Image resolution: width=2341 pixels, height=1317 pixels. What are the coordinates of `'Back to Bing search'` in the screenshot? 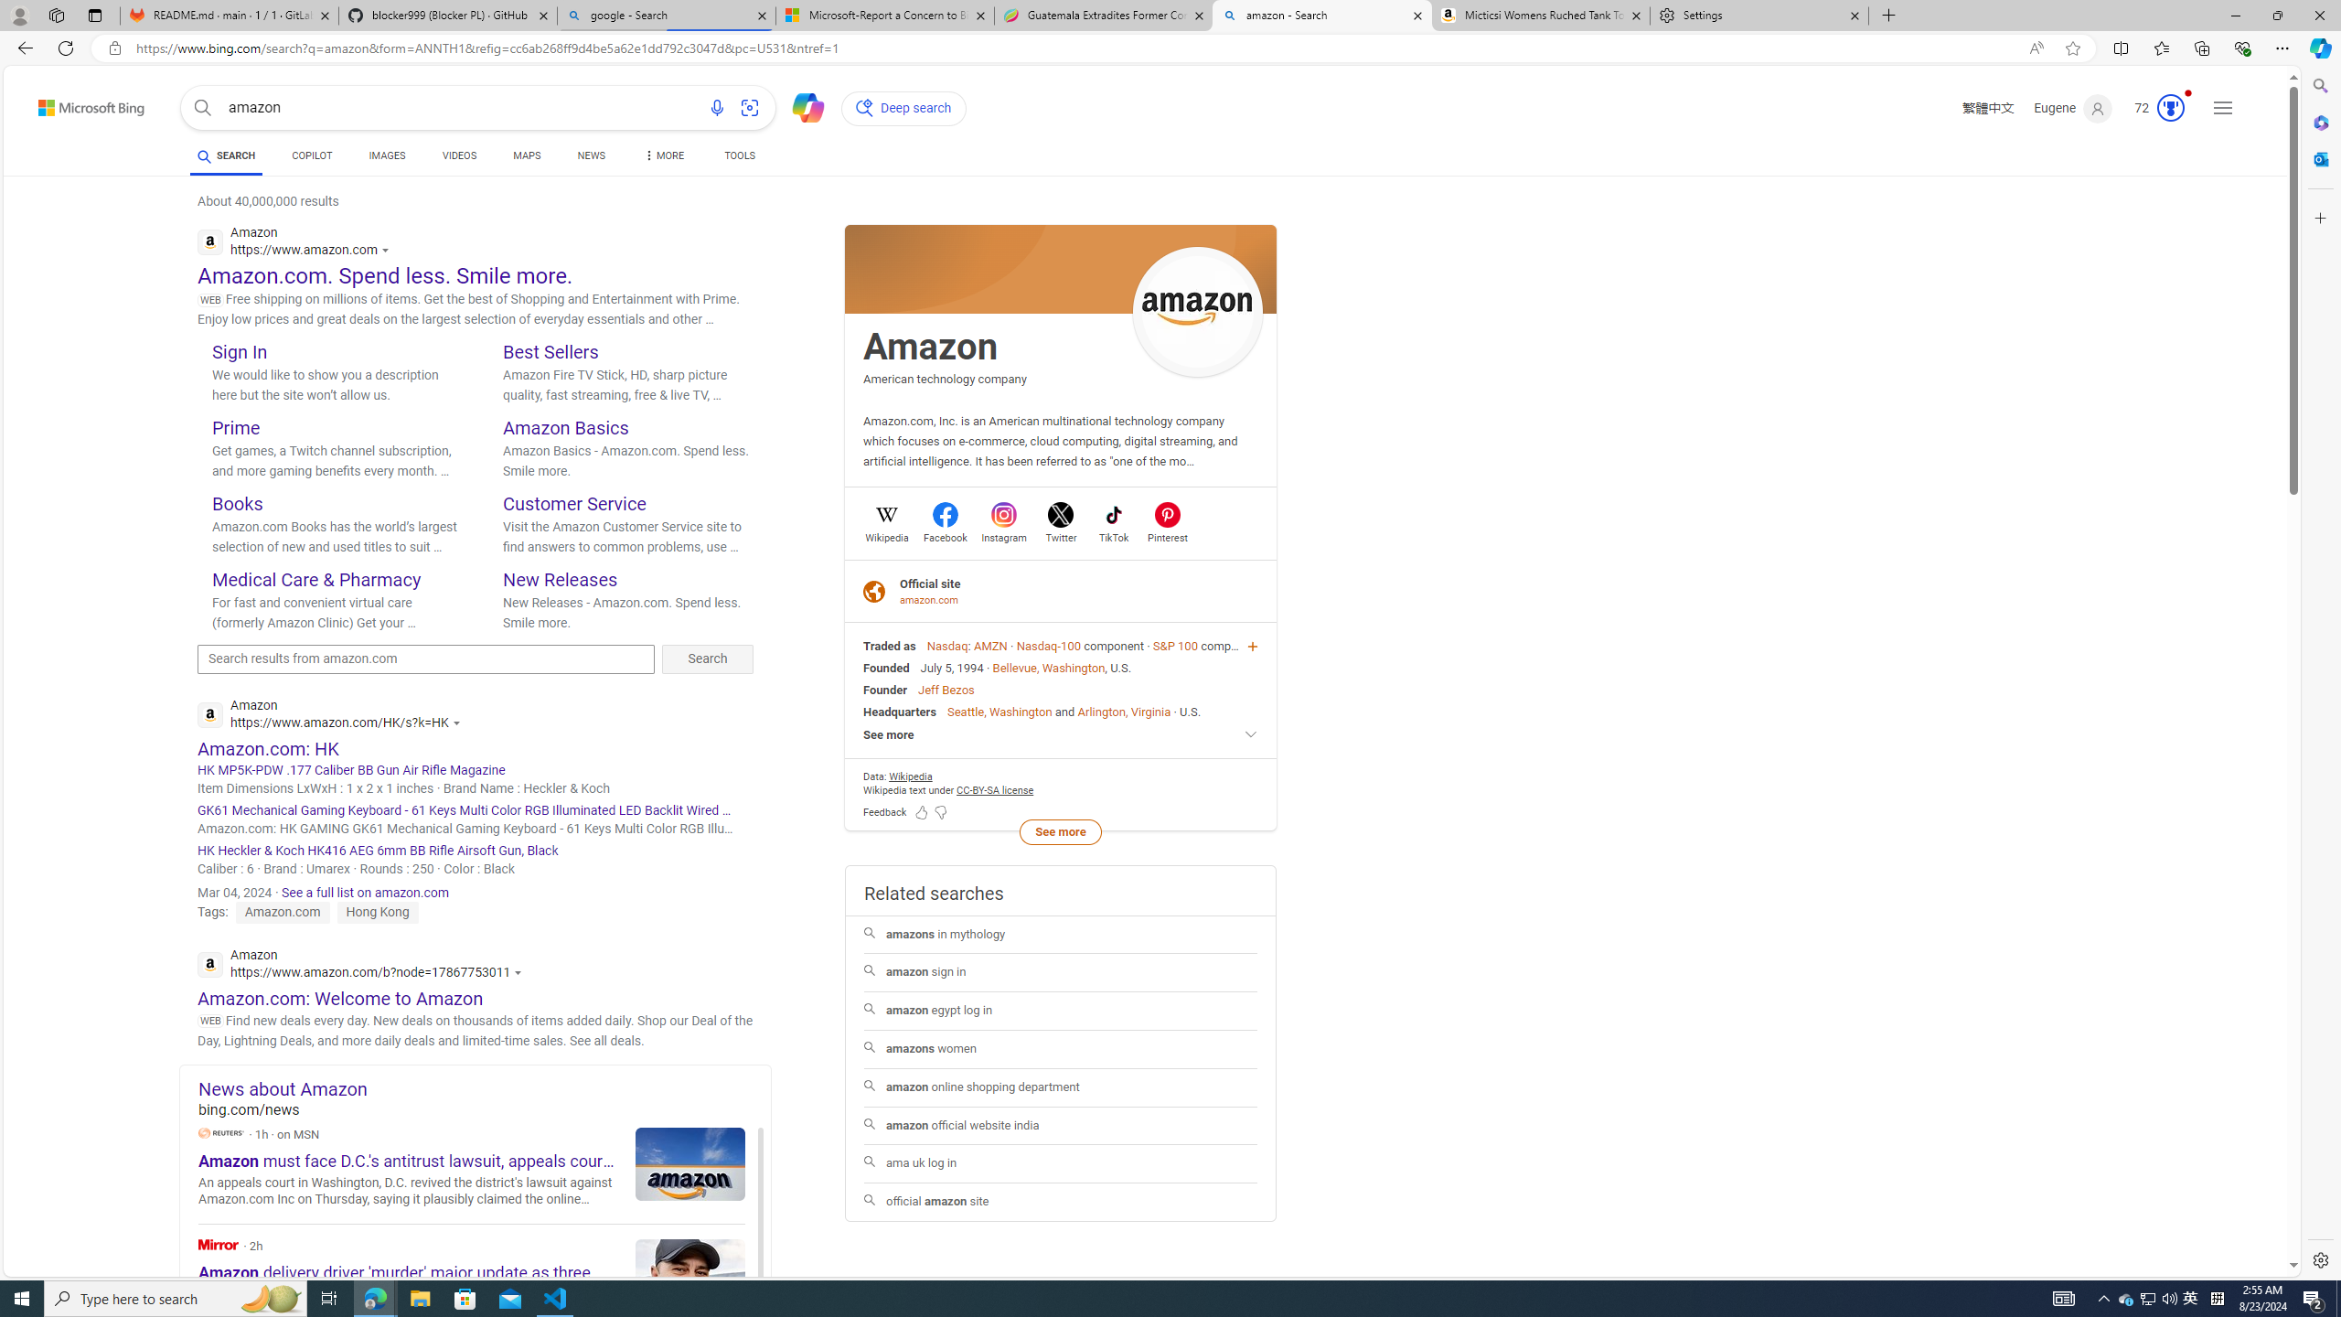 It's located at (80, 102).